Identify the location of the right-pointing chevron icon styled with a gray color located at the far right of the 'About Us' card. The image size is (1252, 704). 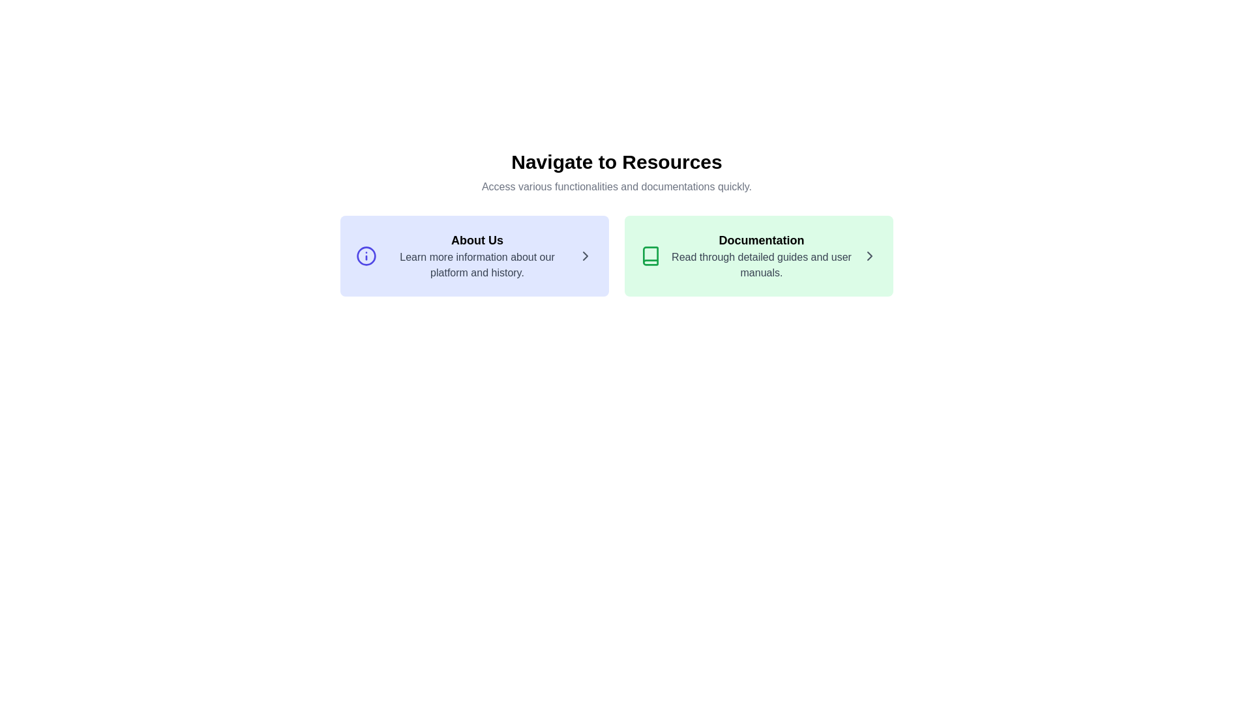
(584, 256).